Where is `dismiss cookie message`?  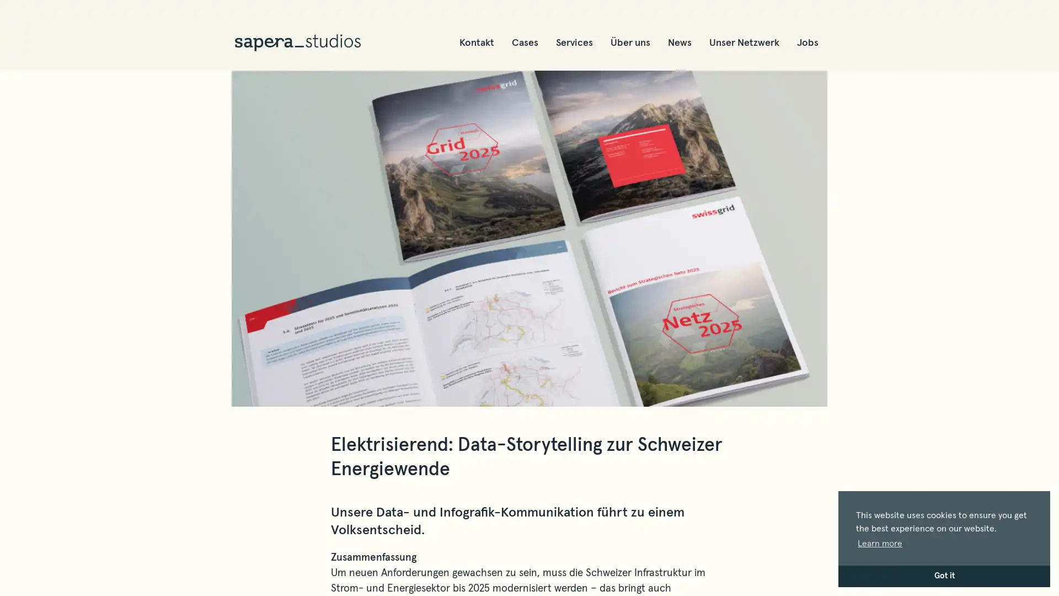 dismiss cookie message is located at coordinates (944, 576).